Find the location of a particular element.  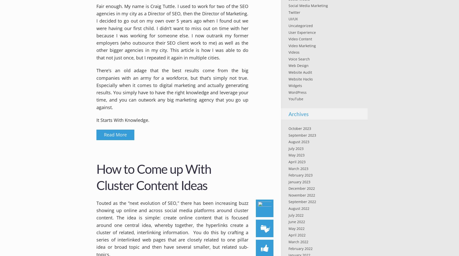

'March 2022' is located at coordinates (298, 241).